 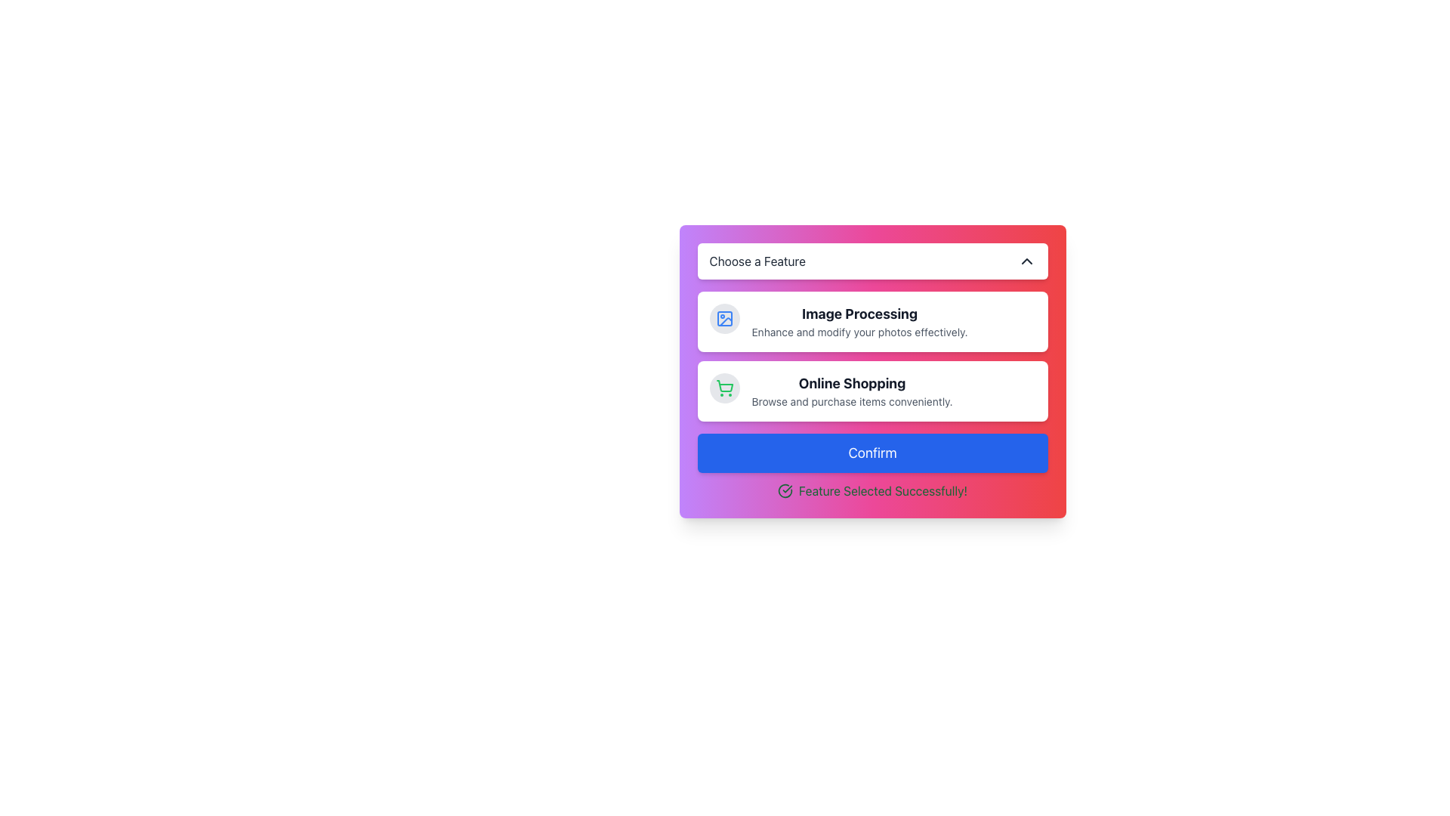 I want to click on the second feature selection option for online shopping, located below 'Image Processing' and above the 'Confirm' button, so click(x=872, y=390).